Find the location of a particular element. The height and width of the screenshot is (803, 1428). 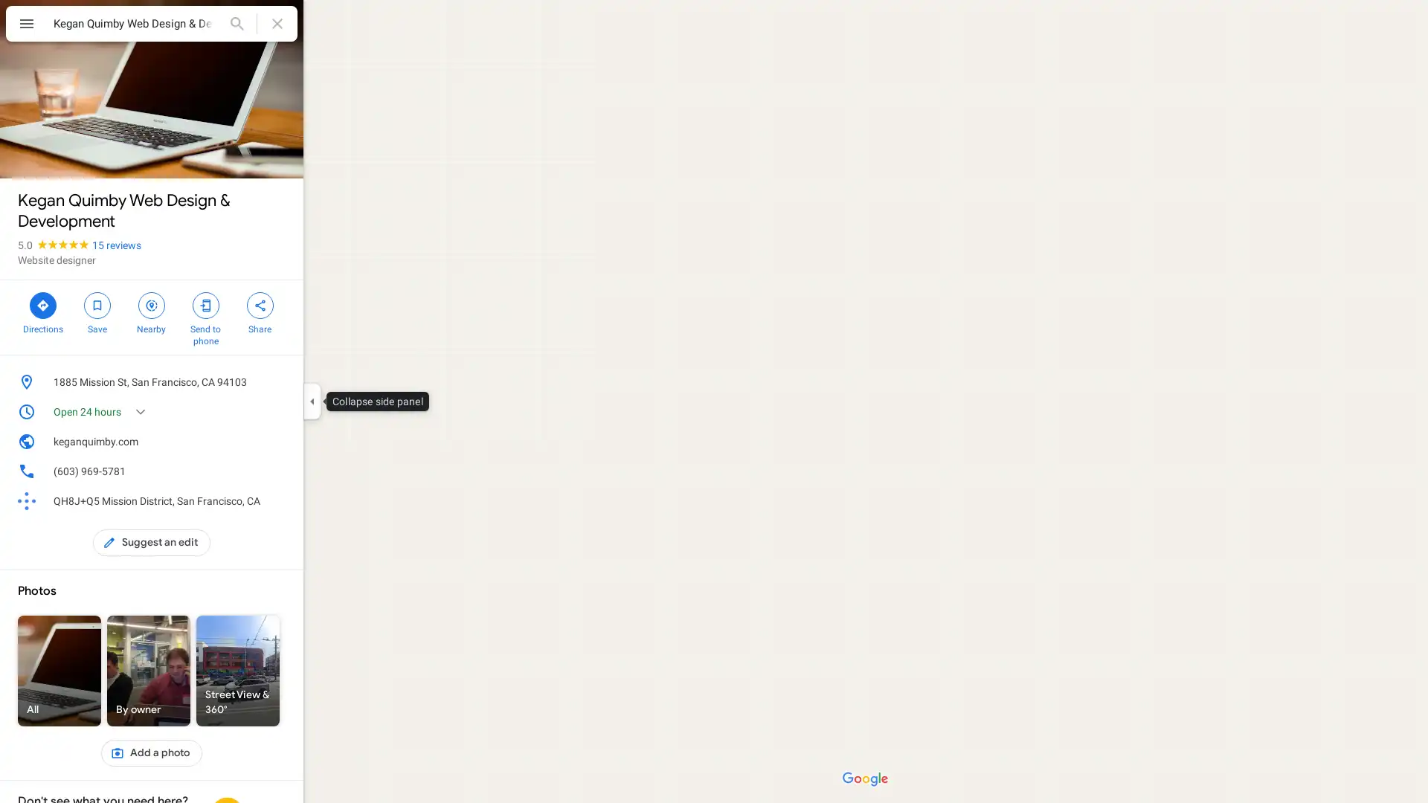

Suggest an edit is located at coordinates (152, 542).